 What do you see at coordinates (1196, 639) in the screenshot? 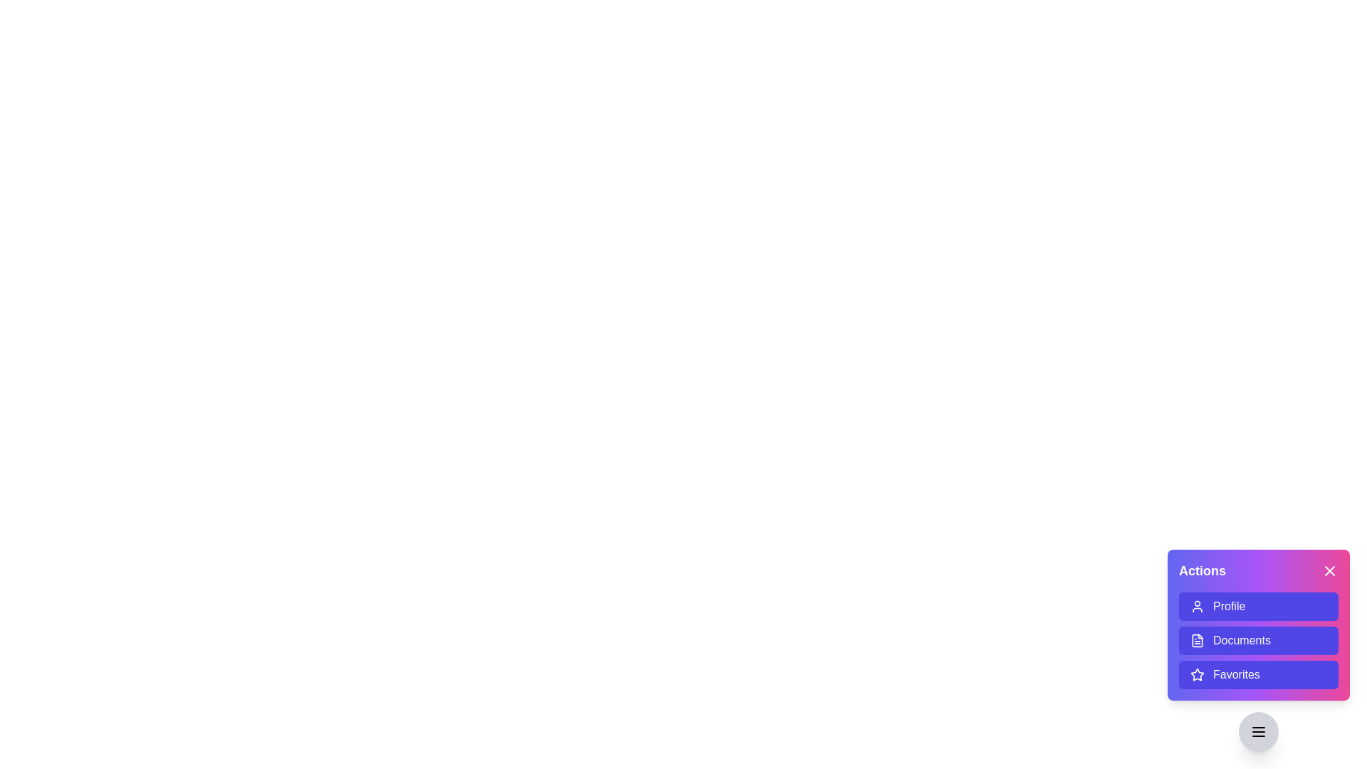
I see `the 'Documents' icon located at the bottom-right of the page, which represents the 'Documents' button in the 'Actions' menu` at bounding box center [1196, 639].